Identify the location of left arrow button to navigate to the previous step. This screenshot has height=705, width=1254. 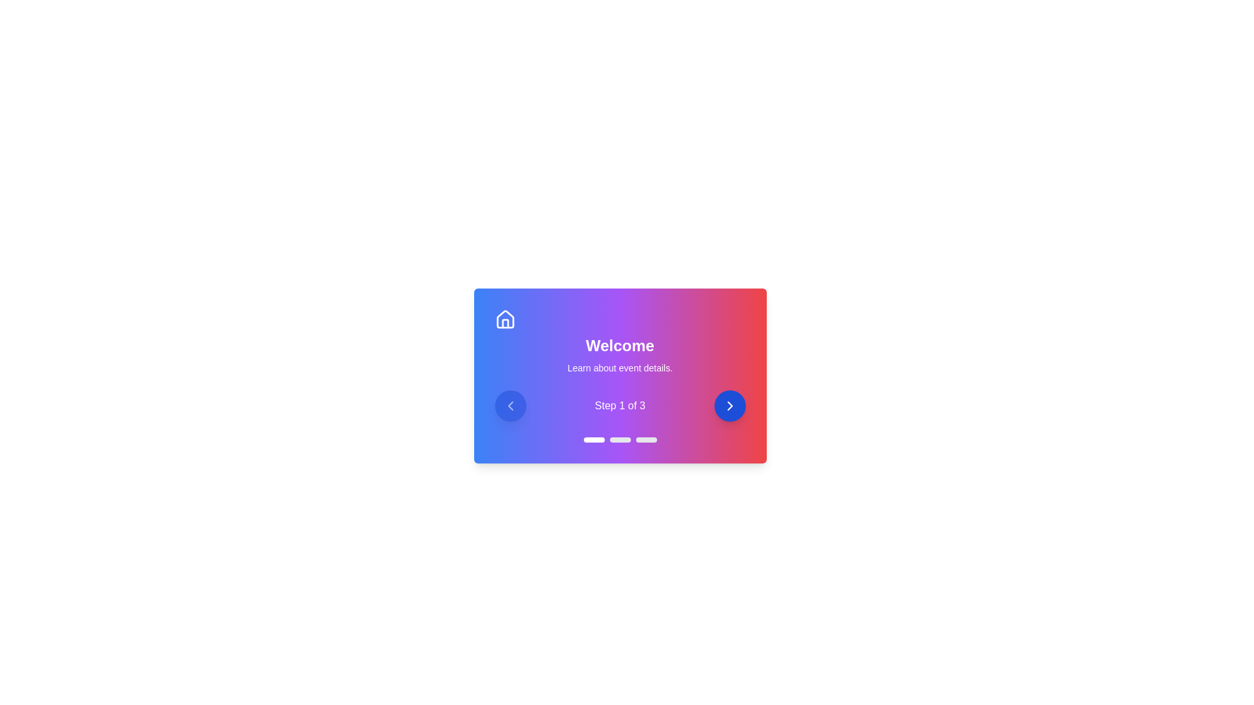
(509, 405).